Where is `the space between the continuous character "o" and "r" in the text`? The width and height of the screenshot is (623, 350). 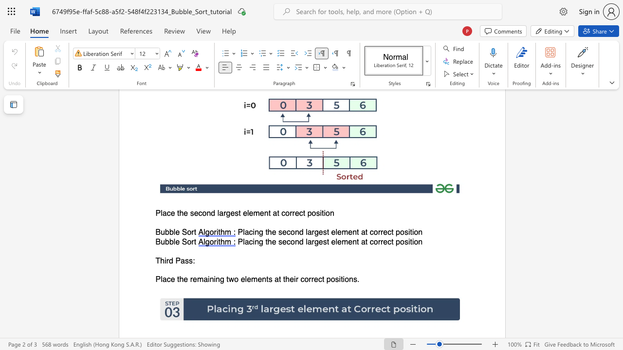
the space between the continuous character "o" and "r" in the text is located at coordinates (191, 232).